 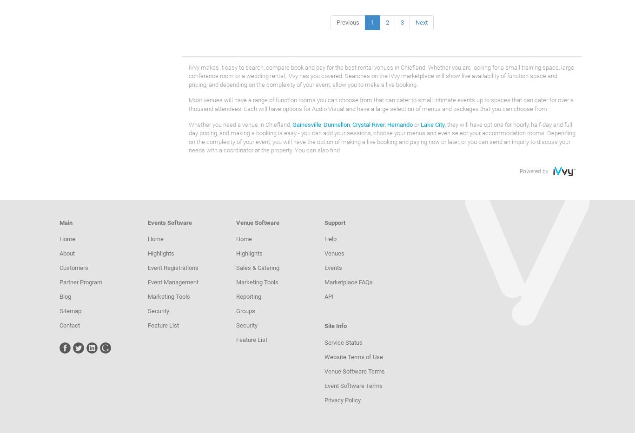 What do you see at coordinates (519, 170) in the screenshot?
I see `'Powered by'` at bounding box center [519, 170].